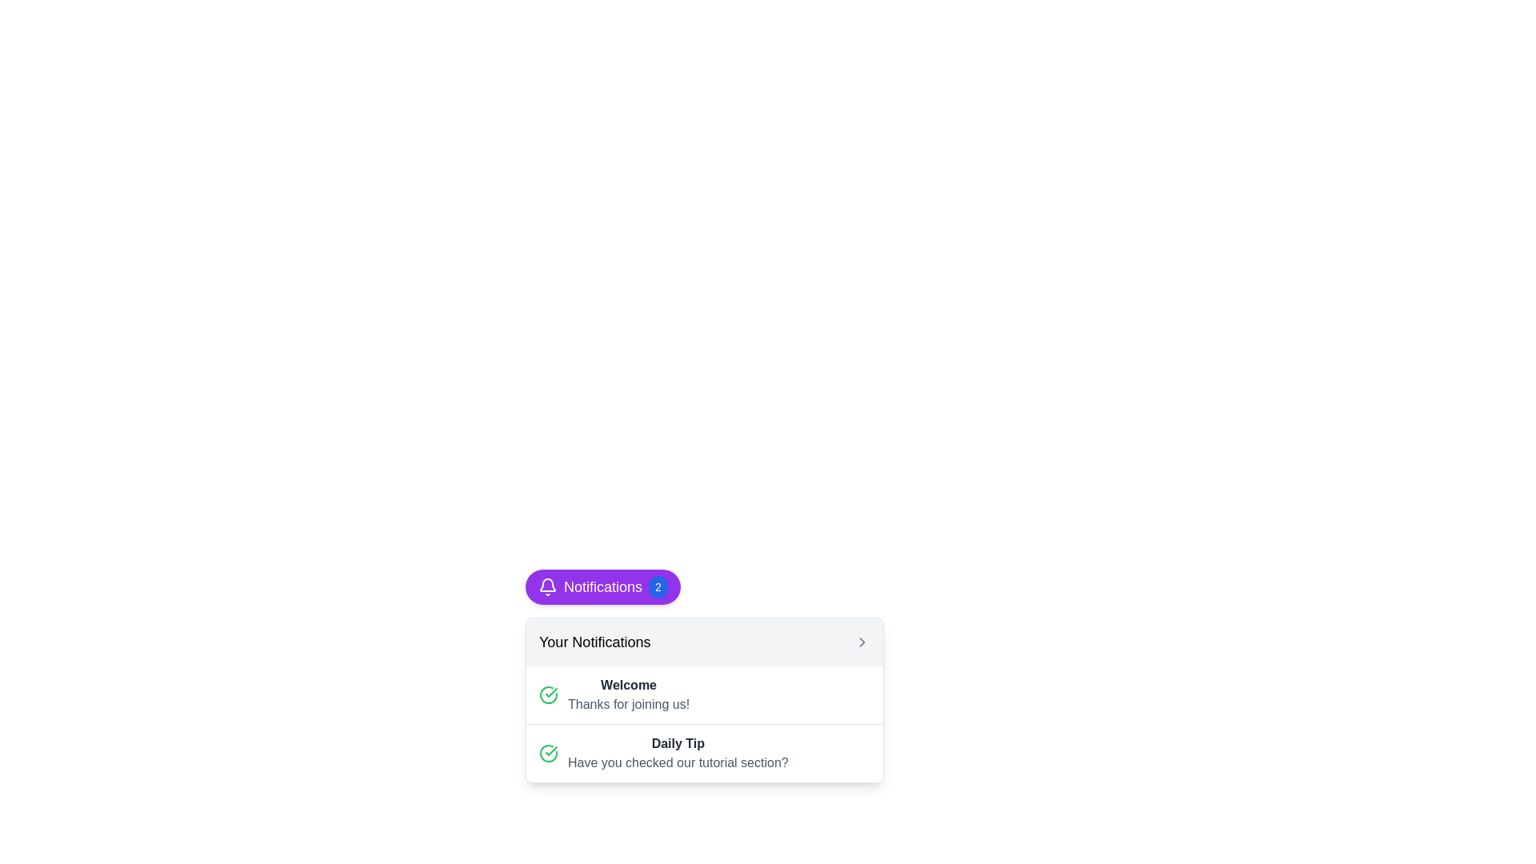 The width and height of the screenshot is (1536, 864). I want to click on the 'Daily Tip' text label, which is styled with a bold font and dark gray color, positioned at the top of the notification card titled 'Your Notifications', so click(678, 743).